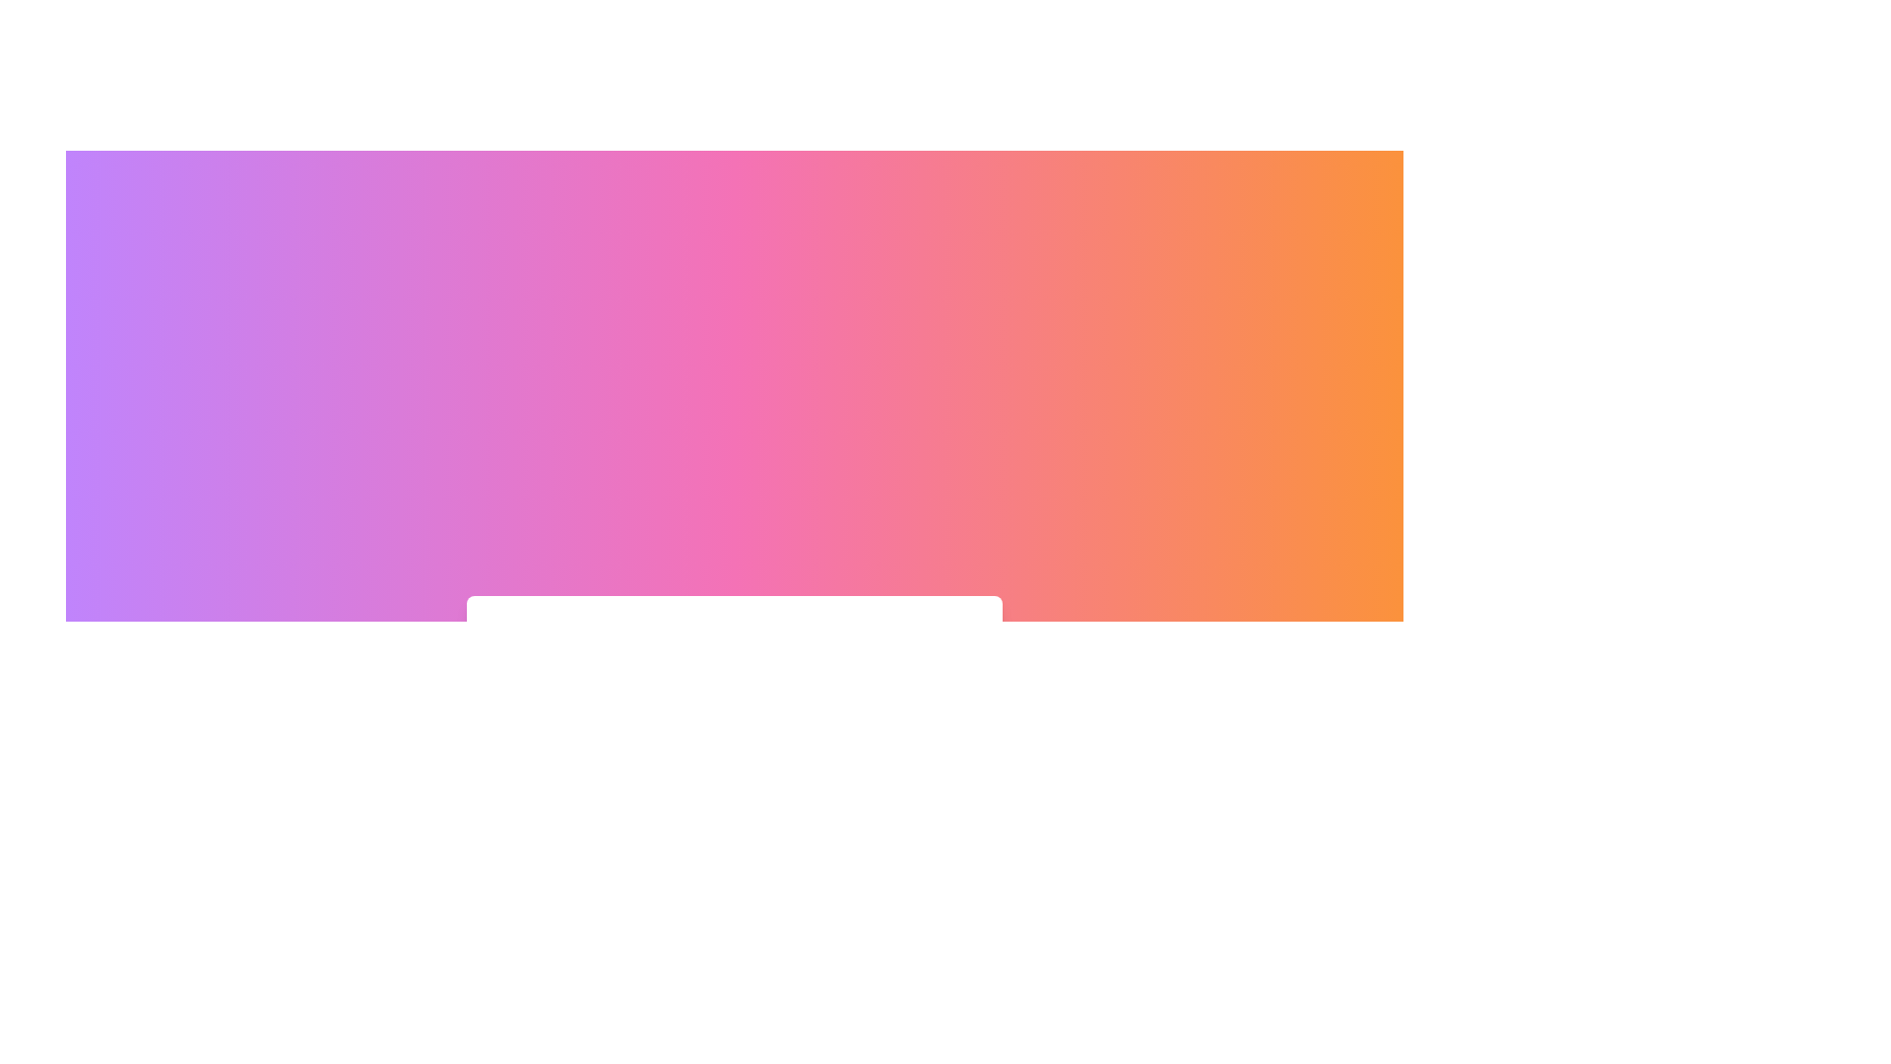  Describe the element at coordinates (562, 686) in the screenshot. I see `the toggle button to switch between visibility and notification modes` at that location.